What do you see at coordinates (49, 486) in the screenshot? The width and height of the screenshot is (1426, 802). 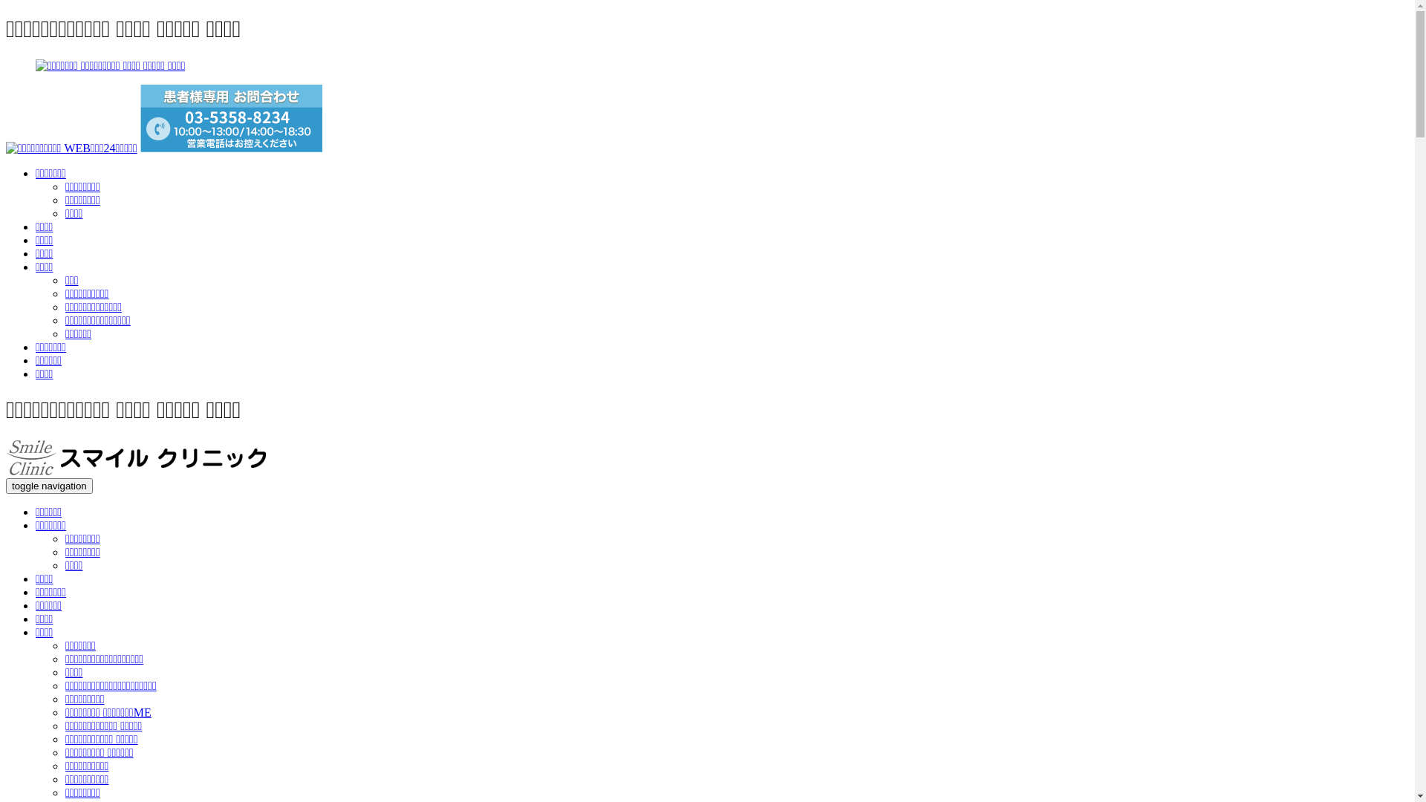 I see `'toggle navigation'` at bounding box center [49, 486].